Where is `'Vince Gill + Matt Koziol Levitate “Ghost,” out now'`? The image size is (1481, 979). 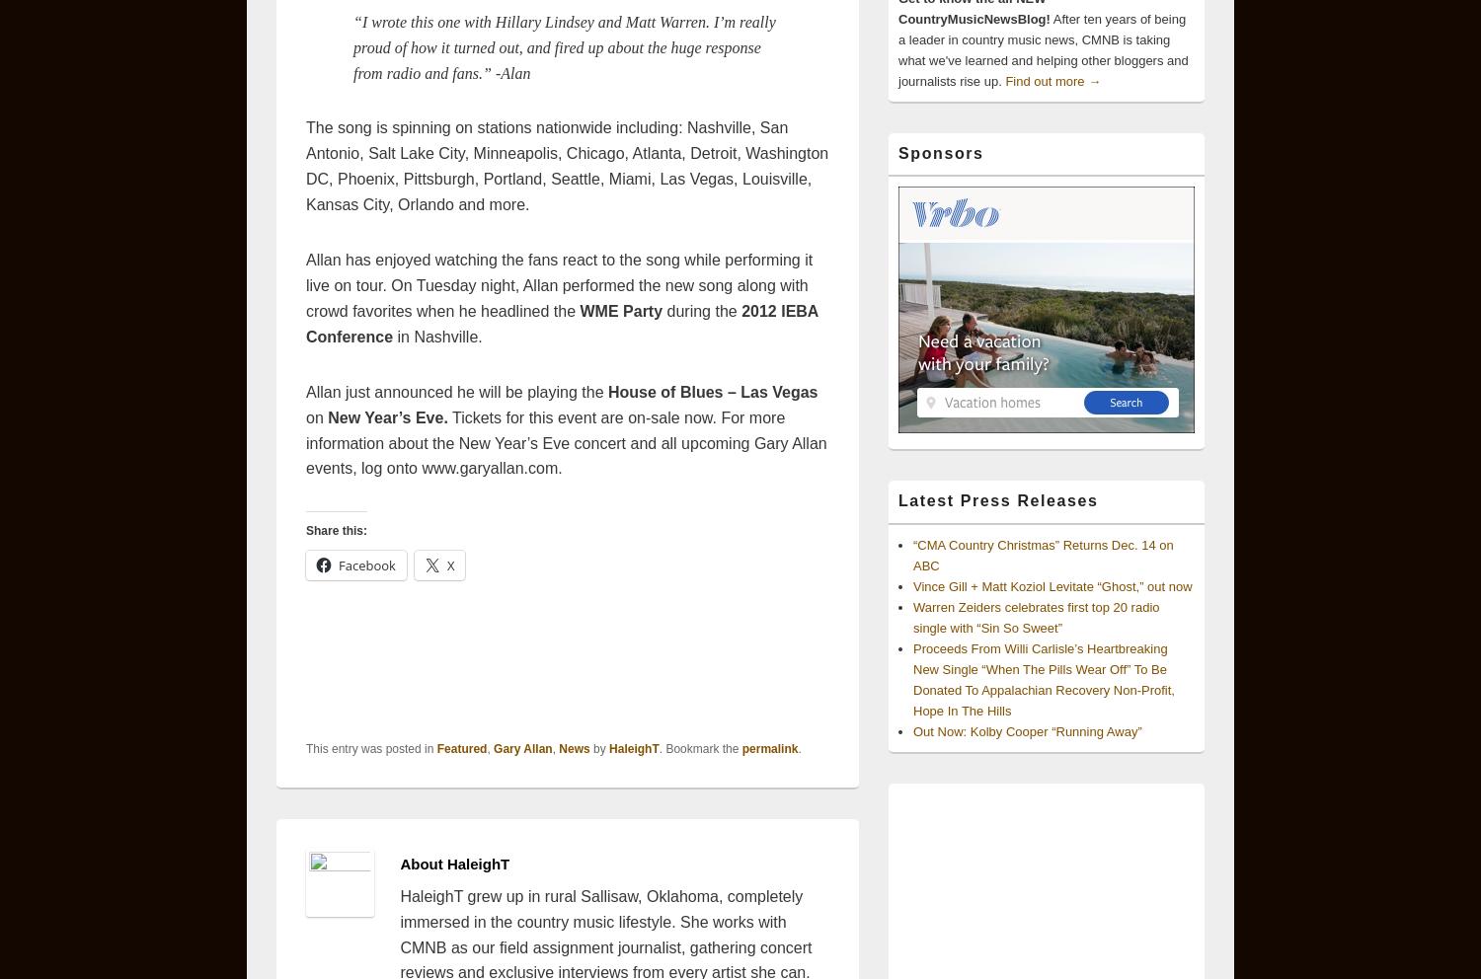
'Vince Gill + Matt Koziol Levitate “Ghost,” out now' is located at coordinates (1052, 584).